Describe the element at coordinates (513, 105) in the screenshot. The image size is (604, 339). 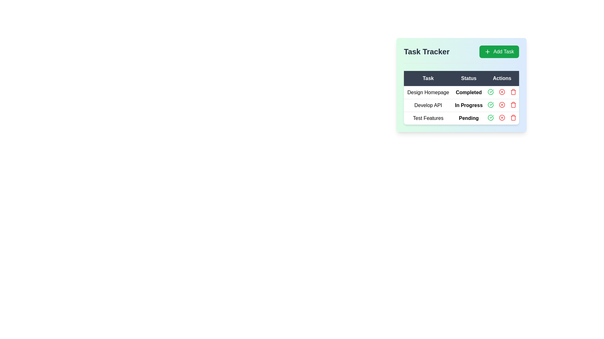
I see `the trash can icon in the Actions column of the task tracker table` at that location.